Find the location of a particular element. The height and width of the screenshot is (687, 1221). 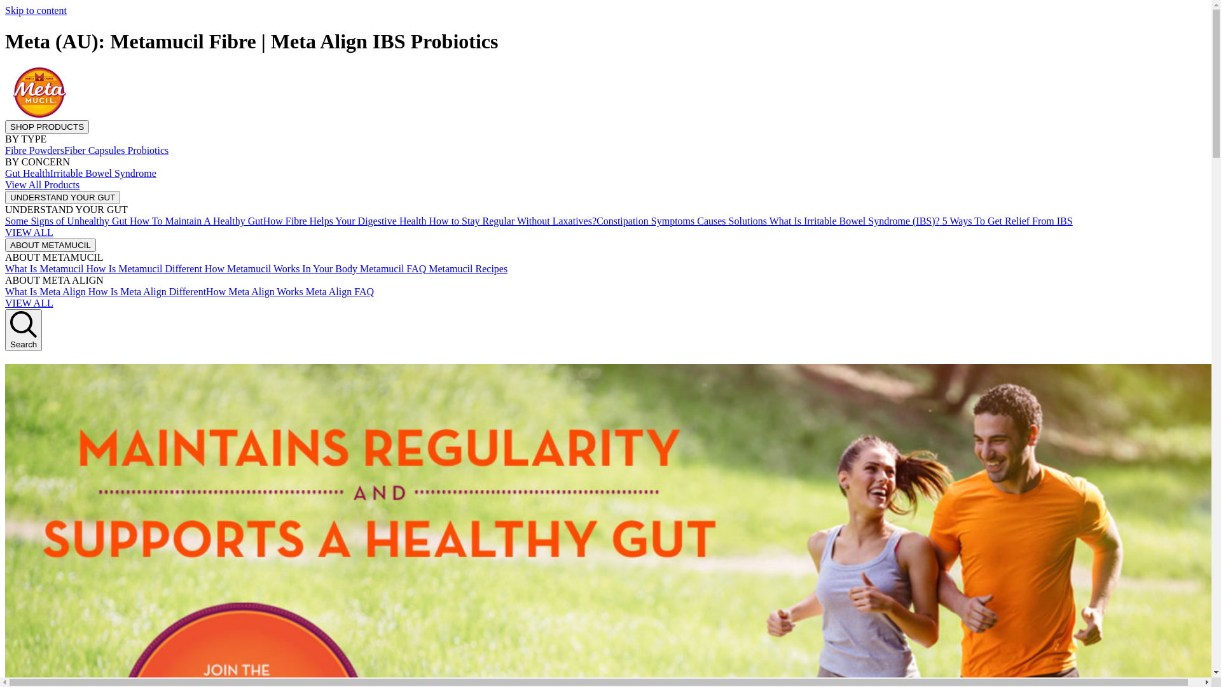

'Brand Logo' is located at coordinates (5, 113).